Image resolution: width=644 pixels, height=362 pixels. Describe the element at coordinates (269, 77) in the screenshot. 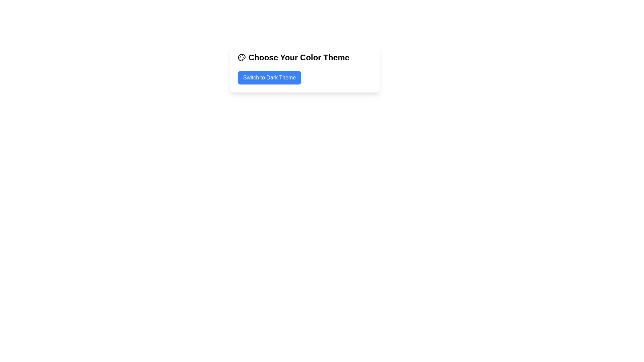

I see `the 'Switch to Dark Theme' button` at that location.